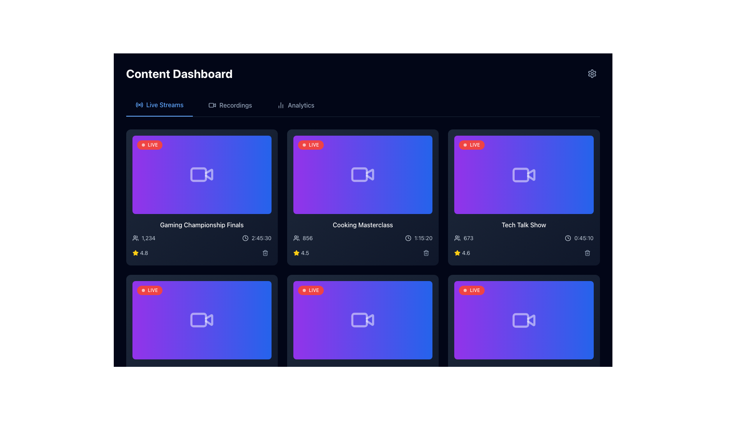 The width and height of the screenshot is (748, 421). Describe the element at coordinates (202, 225) in the screenshot. I see `the text label that serves as a title for the associated video content located in the first card of the 'Live Streams' section, positioned beneath the video thumbnail` at that location.